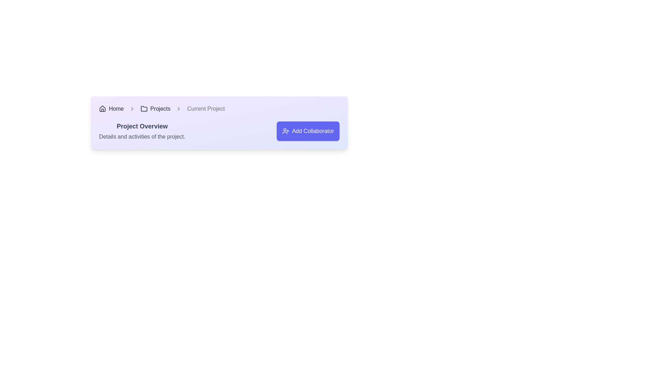 The width and height of the screenshot is (670, 377). I want to click on the hyperlink in the breadcrumb navigation that redirects to the homepage, which is positioned at the top-left and precedes the 'Projects' and 'Current Project' items, so click(111, 109).